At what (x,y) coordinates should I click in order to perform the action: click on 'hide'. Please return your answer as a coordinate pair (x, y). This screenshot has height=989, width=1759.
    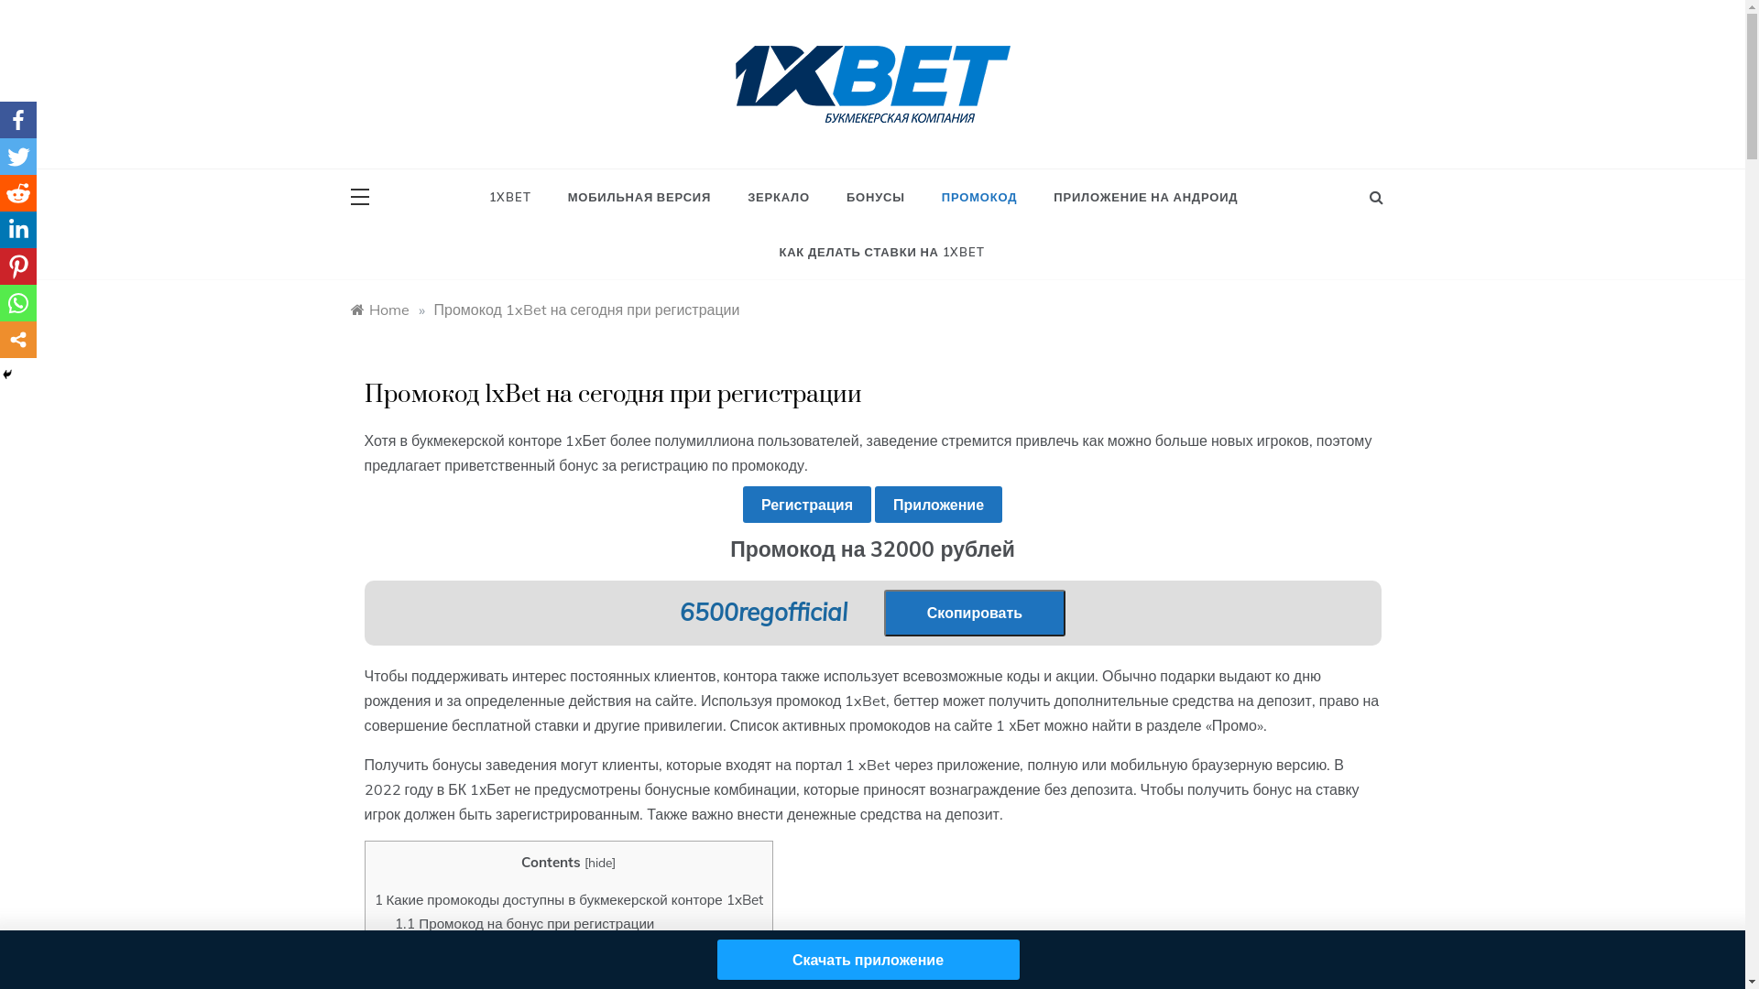
    Looking at the image, I should click on (599, 862).